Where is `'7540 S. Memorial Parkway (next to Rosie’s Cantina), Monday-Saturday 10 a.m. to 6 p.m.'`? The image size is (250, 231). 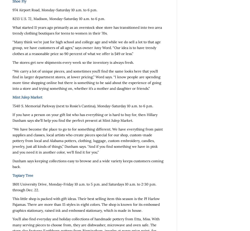
'7540 S. Memorial Parkway (next to Rosie’s Cantina), Monday-Saturday 10 a.m. to 6 p.m.' is located at coordinates (82, 106).